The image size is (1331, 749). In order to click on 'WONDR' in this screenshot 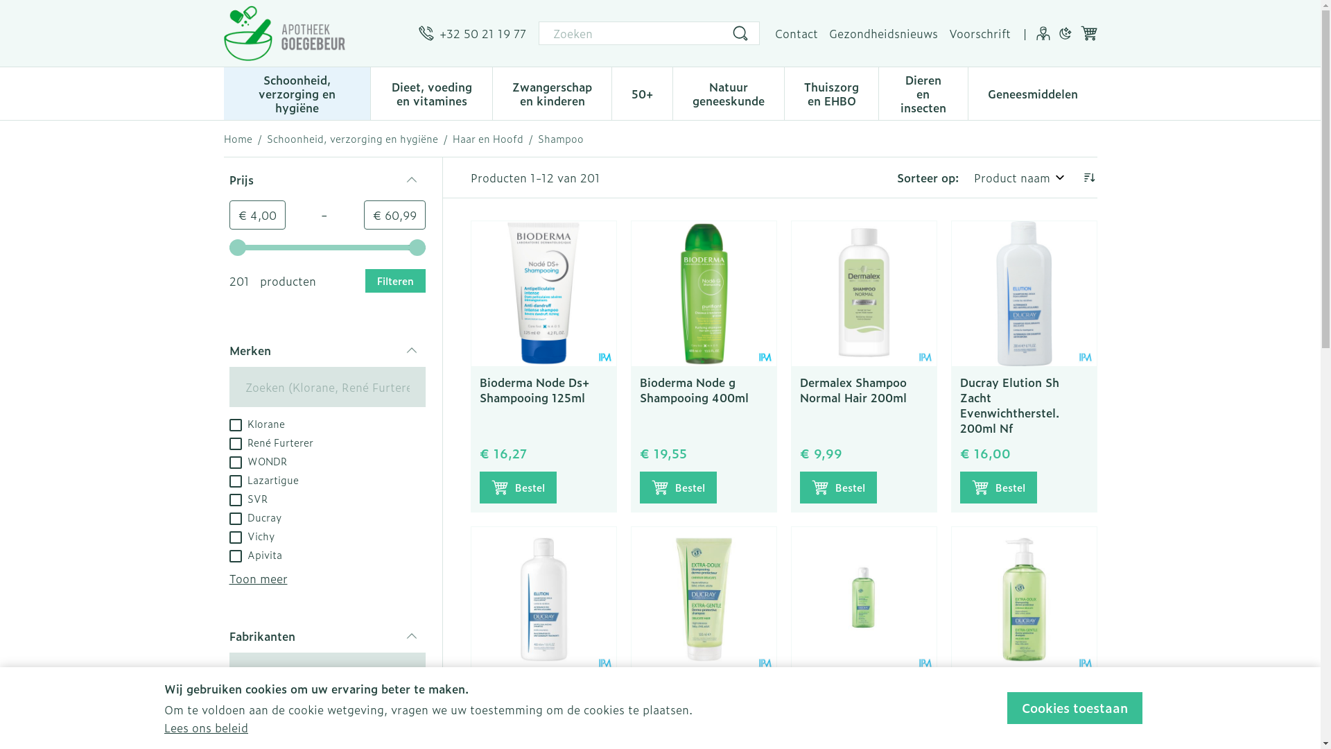, I will do `click(257, 460)`.